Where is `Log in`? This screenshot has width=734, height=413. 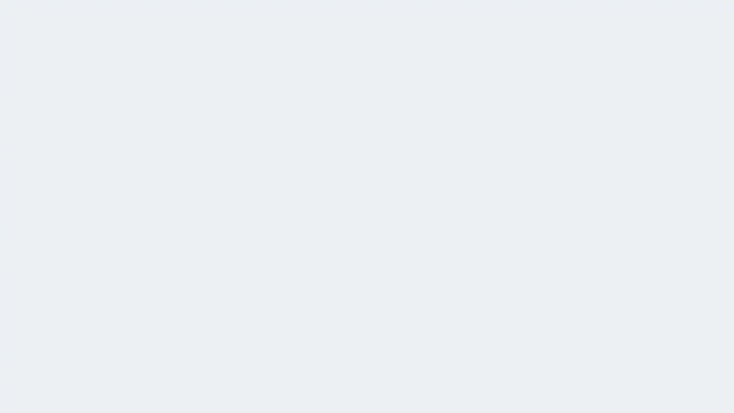
Log in is located at coordinates (367, 131).